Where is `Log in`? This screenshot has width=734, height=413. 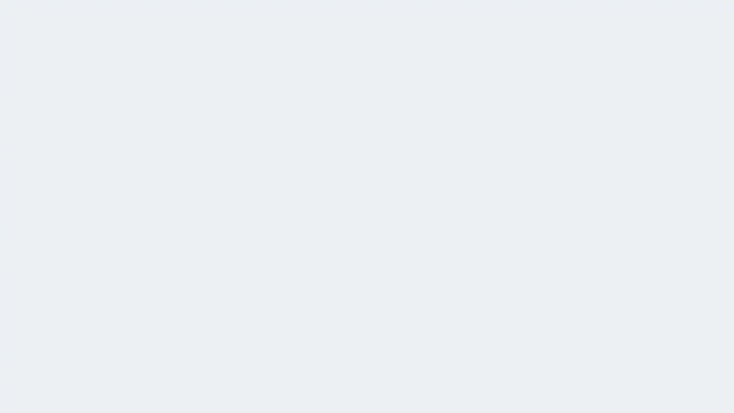
Log in is located at coordinates (367, 131).